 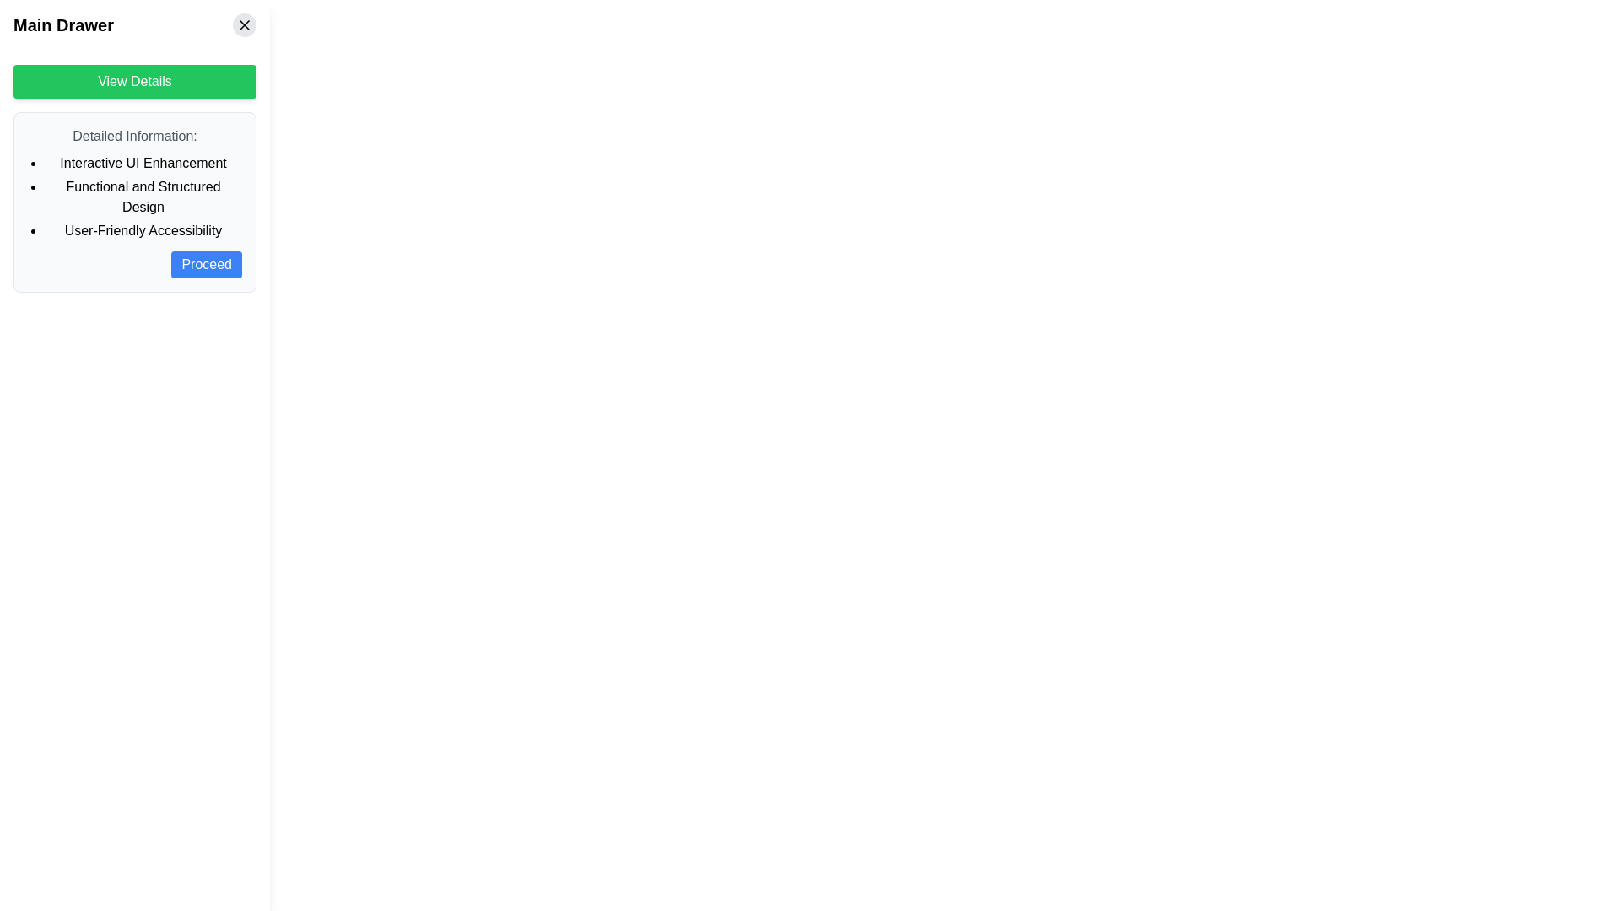 I want to click on the menu toggle button located at the top-left corner, adjacent to the text 'Main Drawer', so click(x=33, y=33).